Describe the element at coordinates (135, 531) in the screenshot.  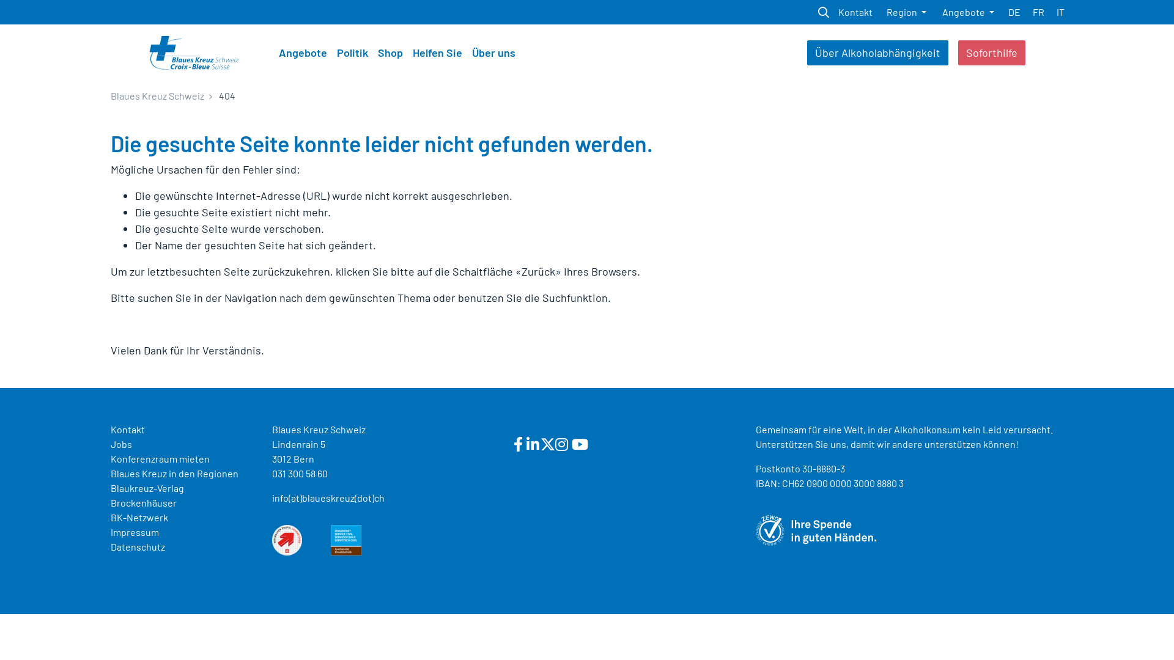
I see `'Impressum'` at that location.